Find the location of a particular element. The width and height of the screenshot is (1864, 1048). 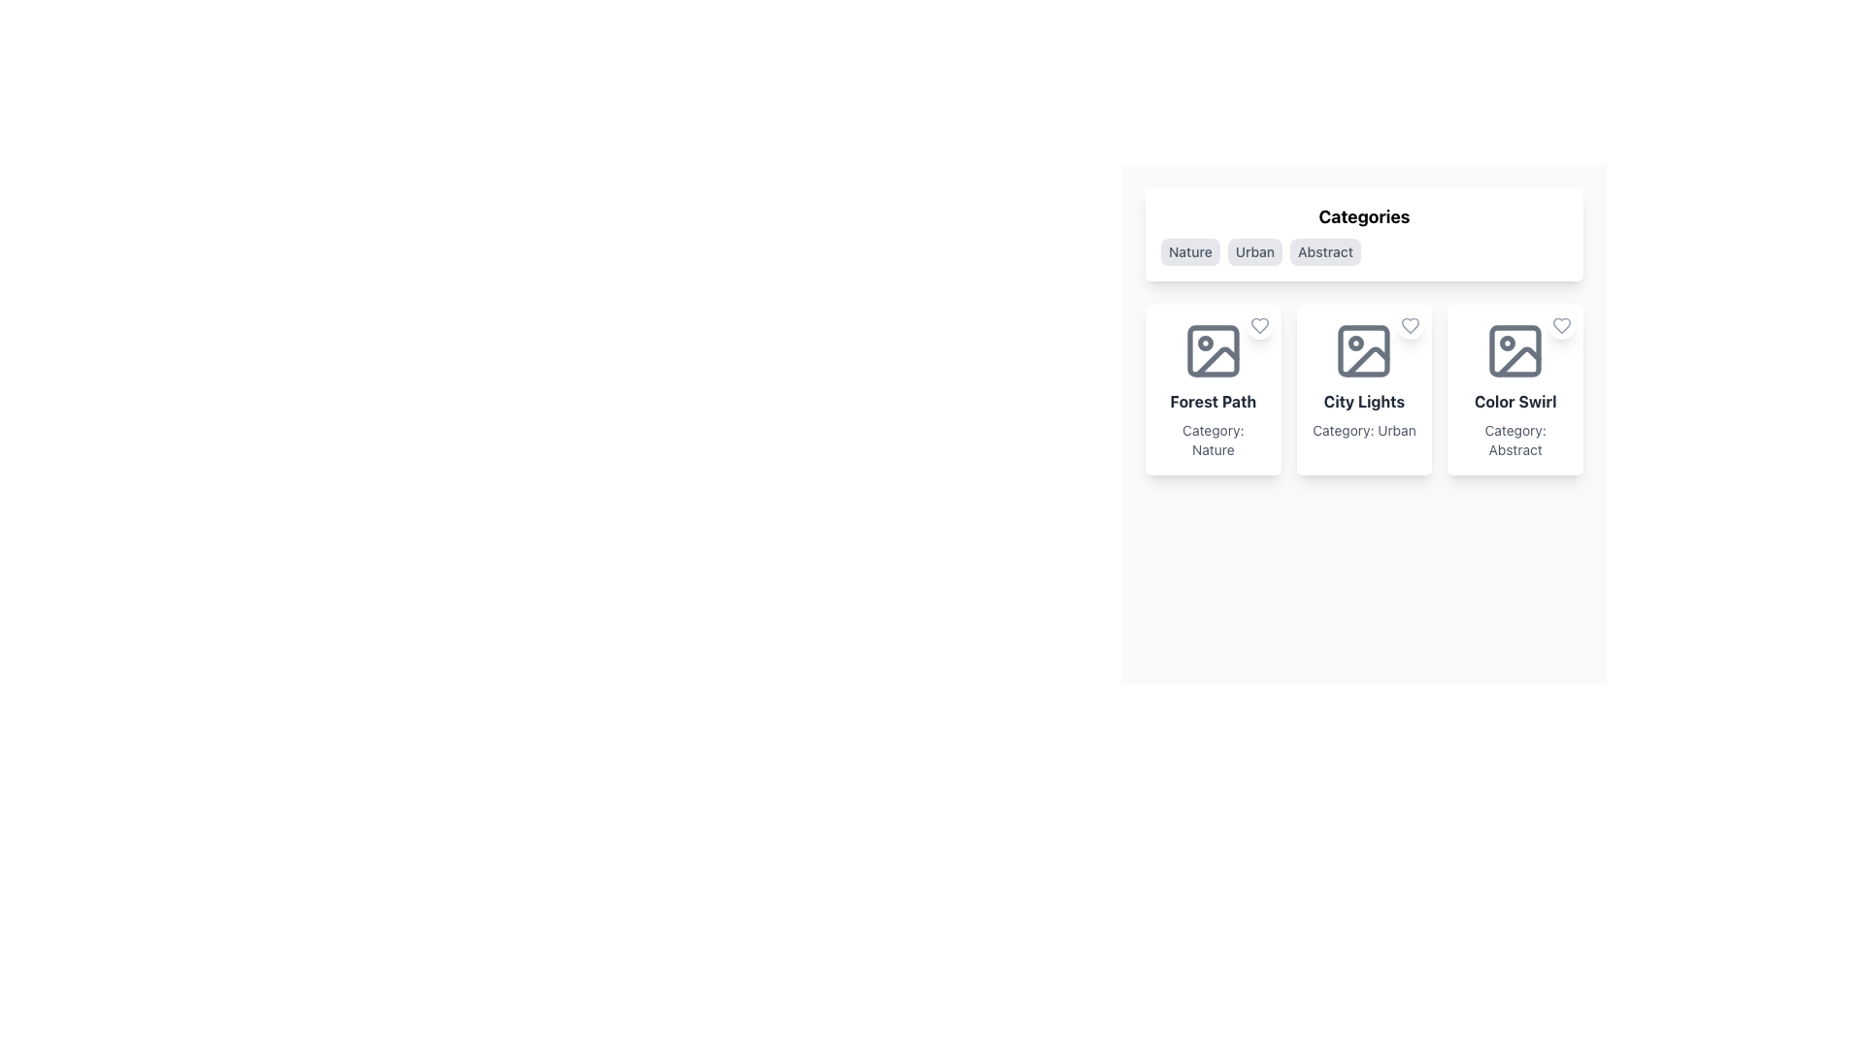

heading text 'Categories' which is prominently displayed in bold, large font at the top of a white card with rounded corners is located at coordinates (1363, 216).